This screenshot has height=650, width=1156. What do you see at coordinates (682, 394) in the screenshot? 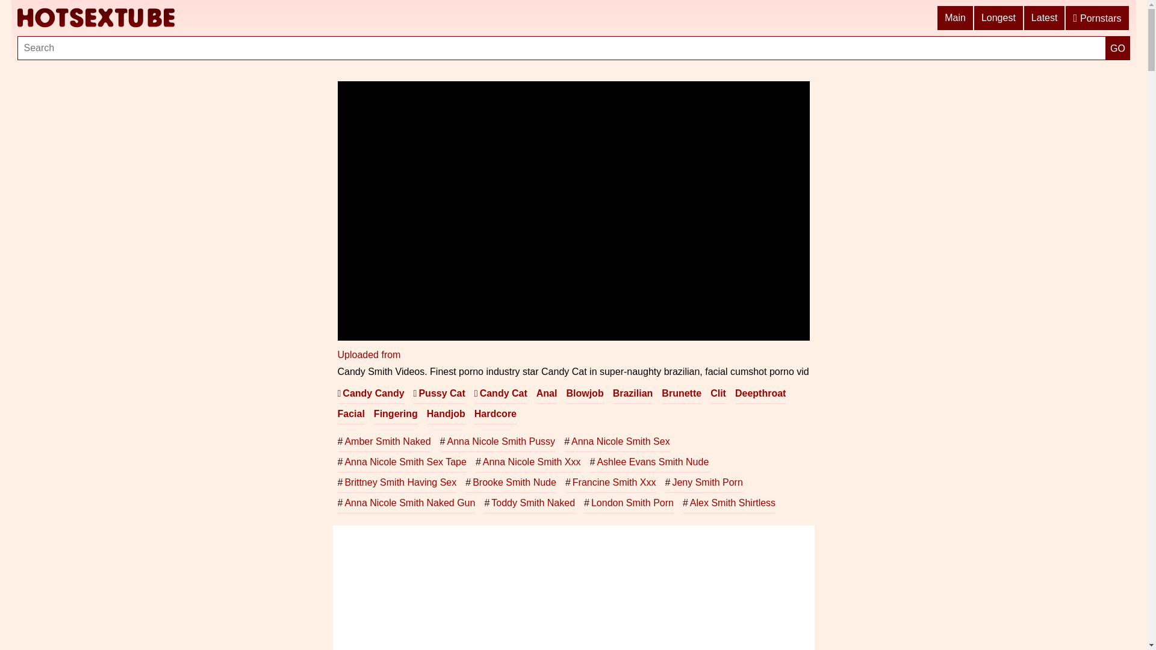
I see `'Brunette'` at bounding box center [682, 394].